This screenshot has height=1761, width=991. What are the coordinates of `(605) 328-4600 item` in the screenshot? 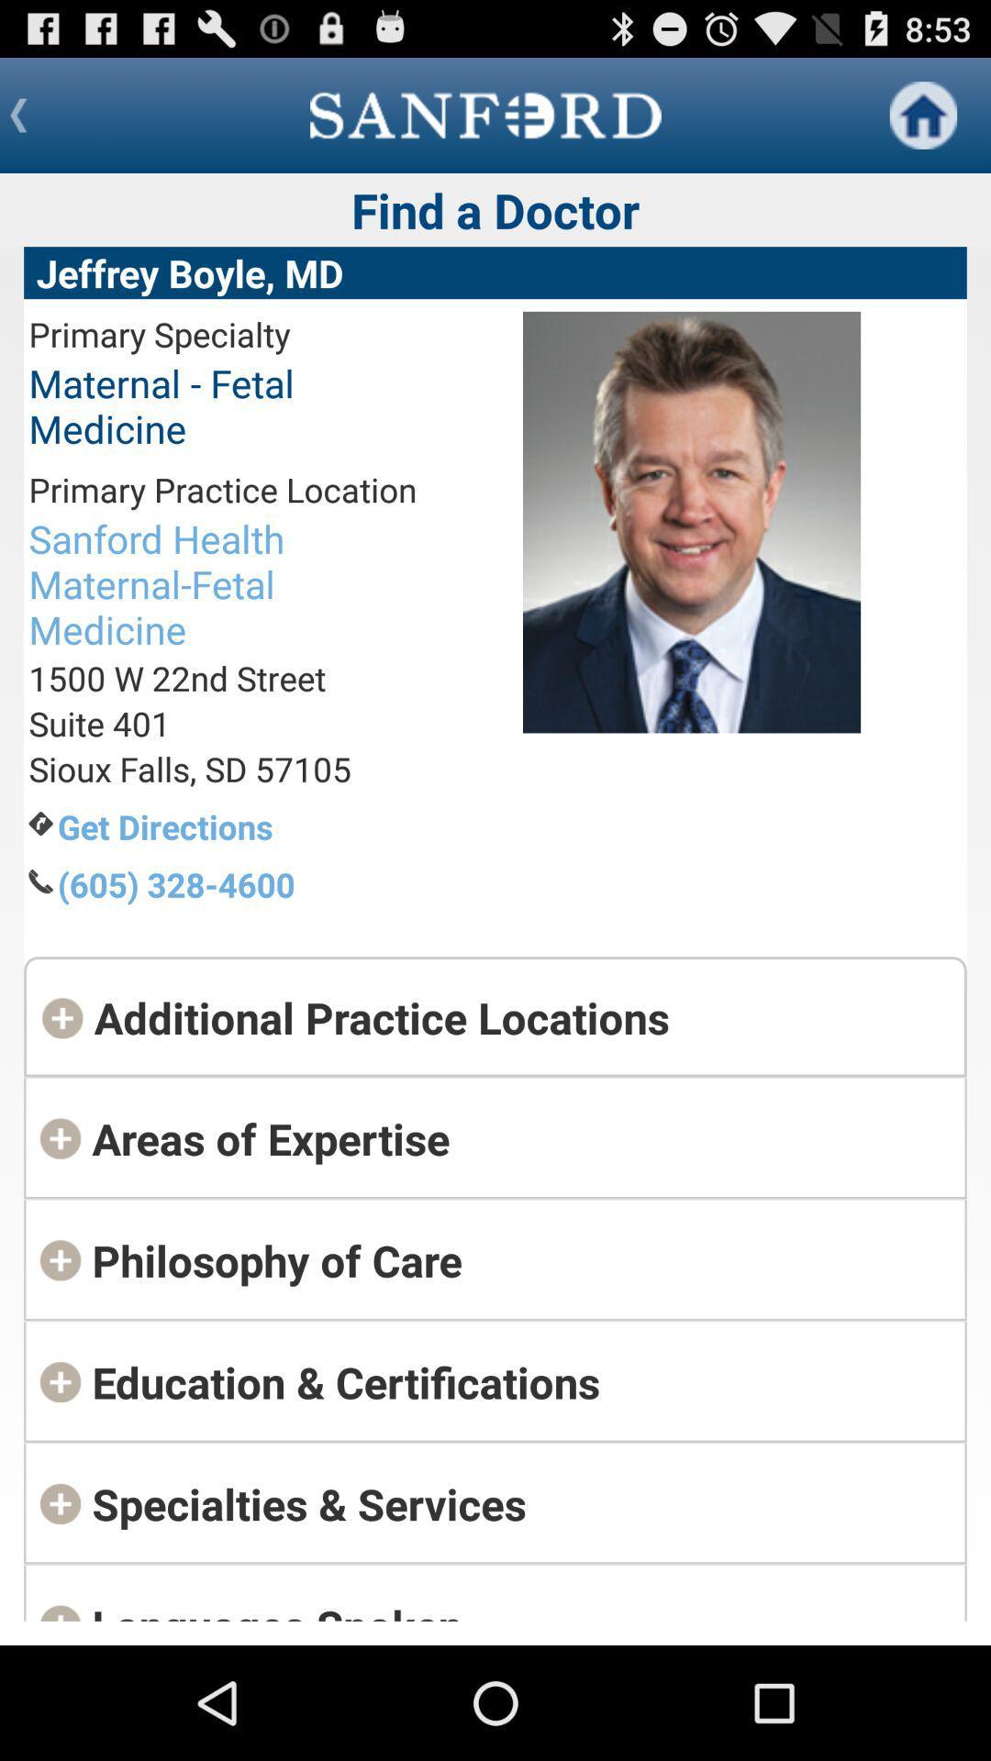 It's located at (236, 884).